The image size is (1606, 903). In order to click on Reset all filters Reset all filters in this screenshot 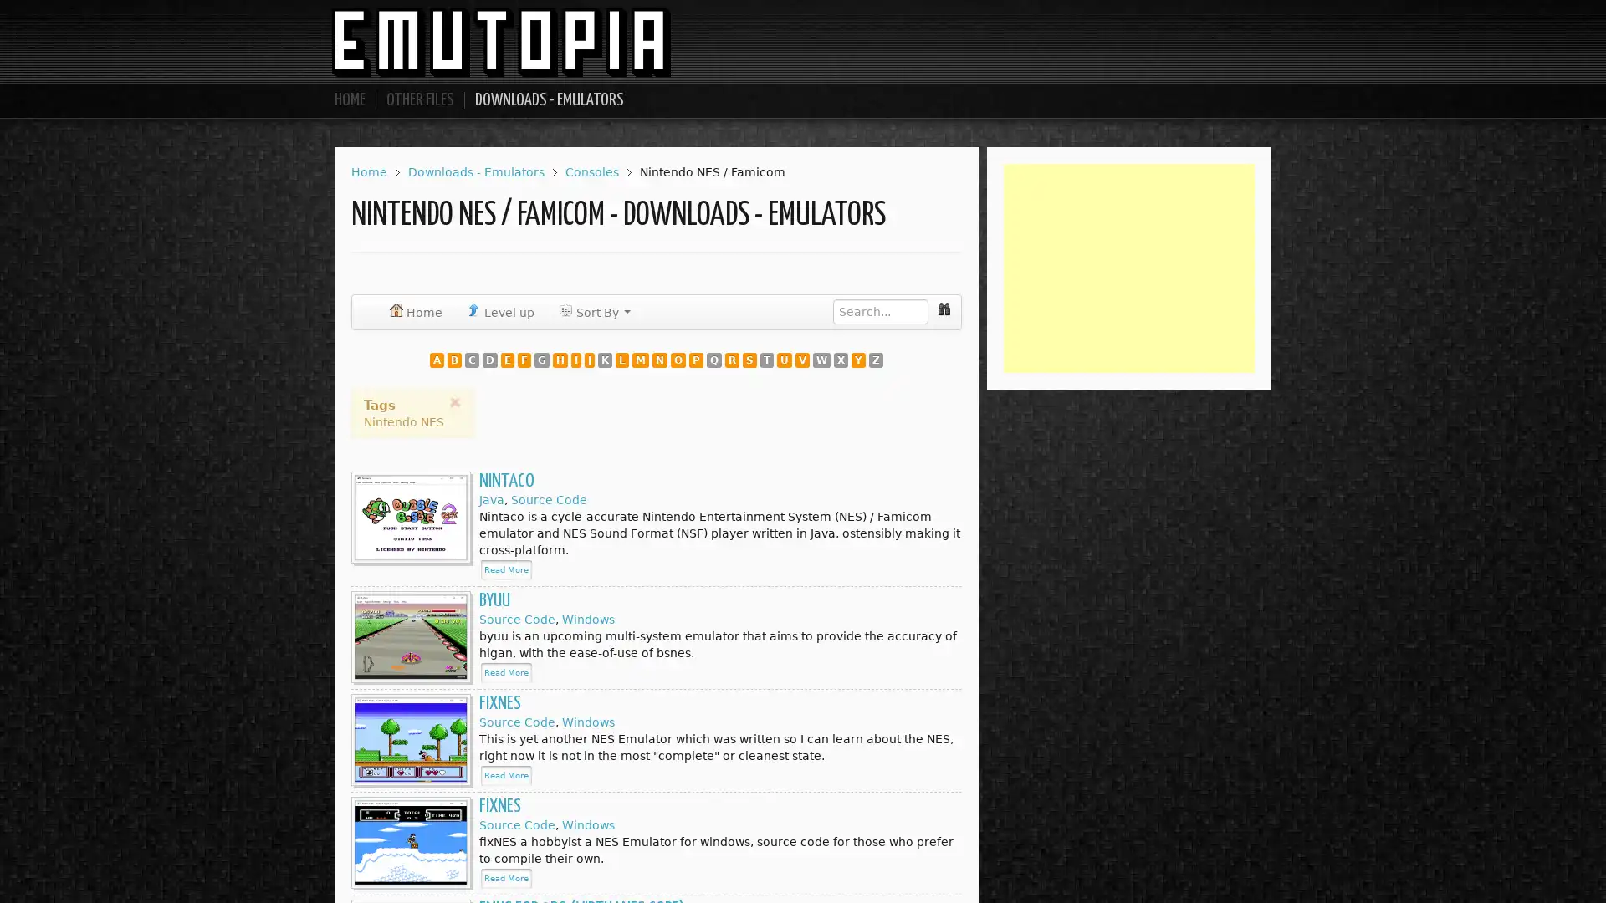, I will do `click(828, 359)`.